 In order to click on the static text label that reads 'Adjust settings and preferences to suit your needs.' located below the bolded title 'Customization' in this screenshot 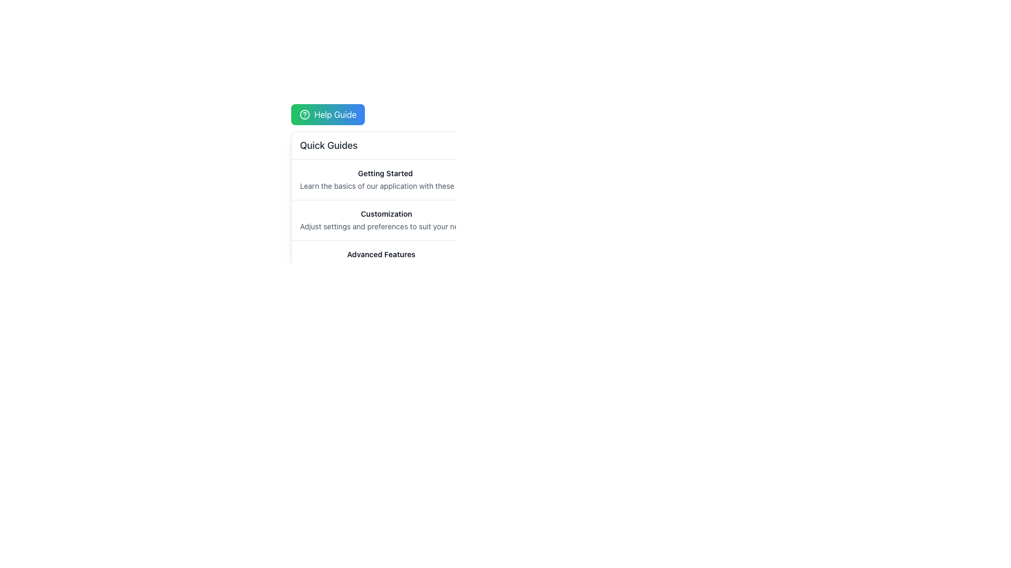, I will do `click(386, 226)`.